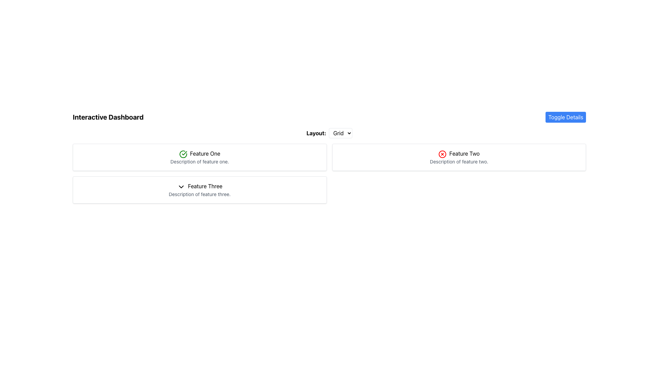 The width and height of the screenshot is (653, 367). Describe the element at coordinates (183, 154) in the screenshot. I see `the checkmark icon with a green stroke color, which is positioned to the left of the text 'Feature One'` at that location.